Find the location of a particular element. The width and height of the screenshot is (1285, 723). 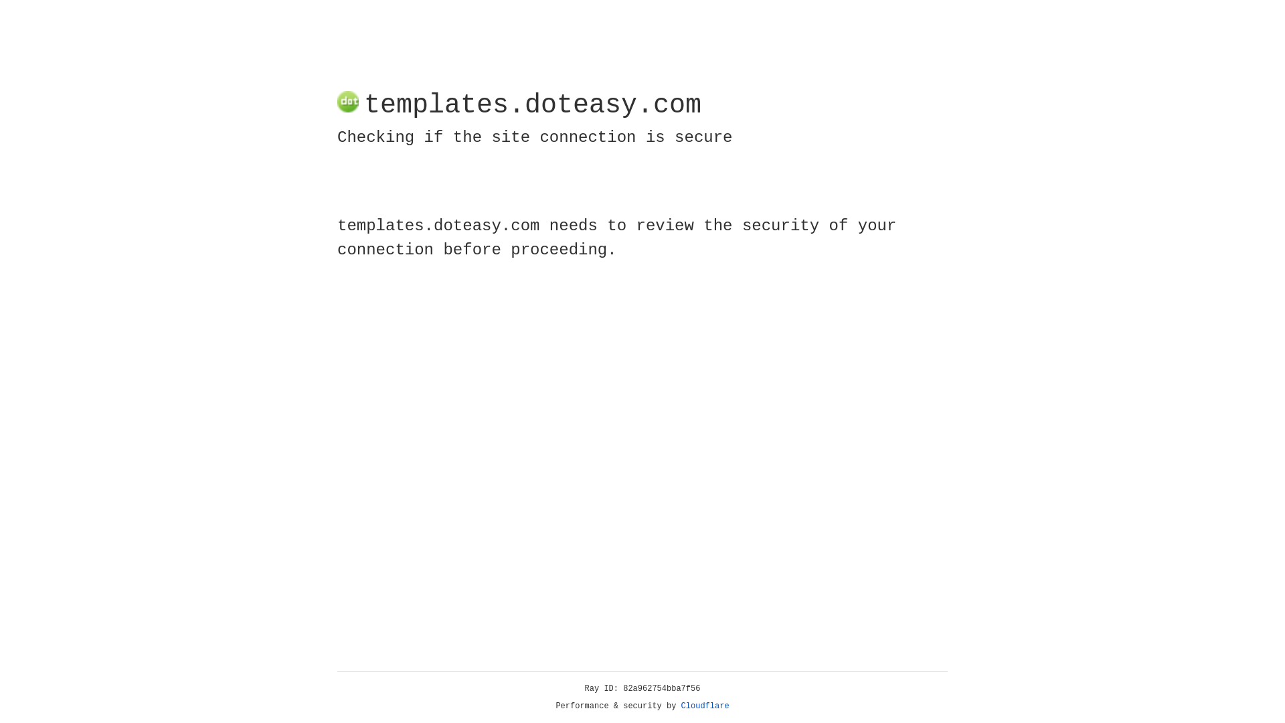

'Cloudflare' is located at coordinates (681, 706).